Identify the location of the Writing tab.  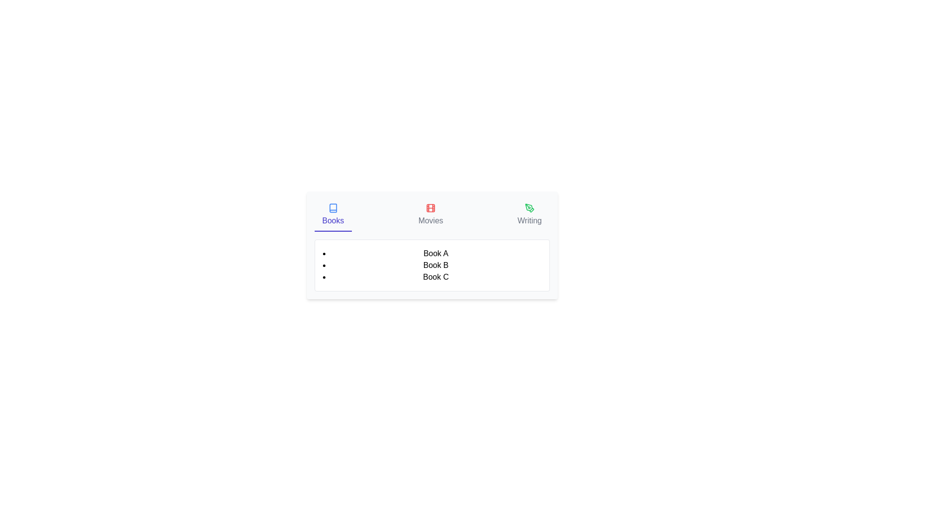
(529, 215).